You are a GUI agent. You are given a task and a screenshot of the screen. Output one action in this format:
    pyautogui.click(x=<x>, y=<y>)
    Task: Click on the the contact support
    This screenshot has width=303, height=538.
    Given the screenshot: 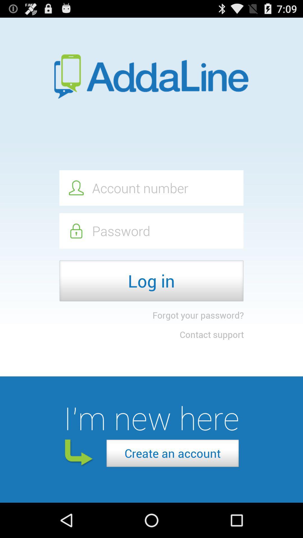 What is the action you would take?
    pyautogui.click(x=212, y=334)
    